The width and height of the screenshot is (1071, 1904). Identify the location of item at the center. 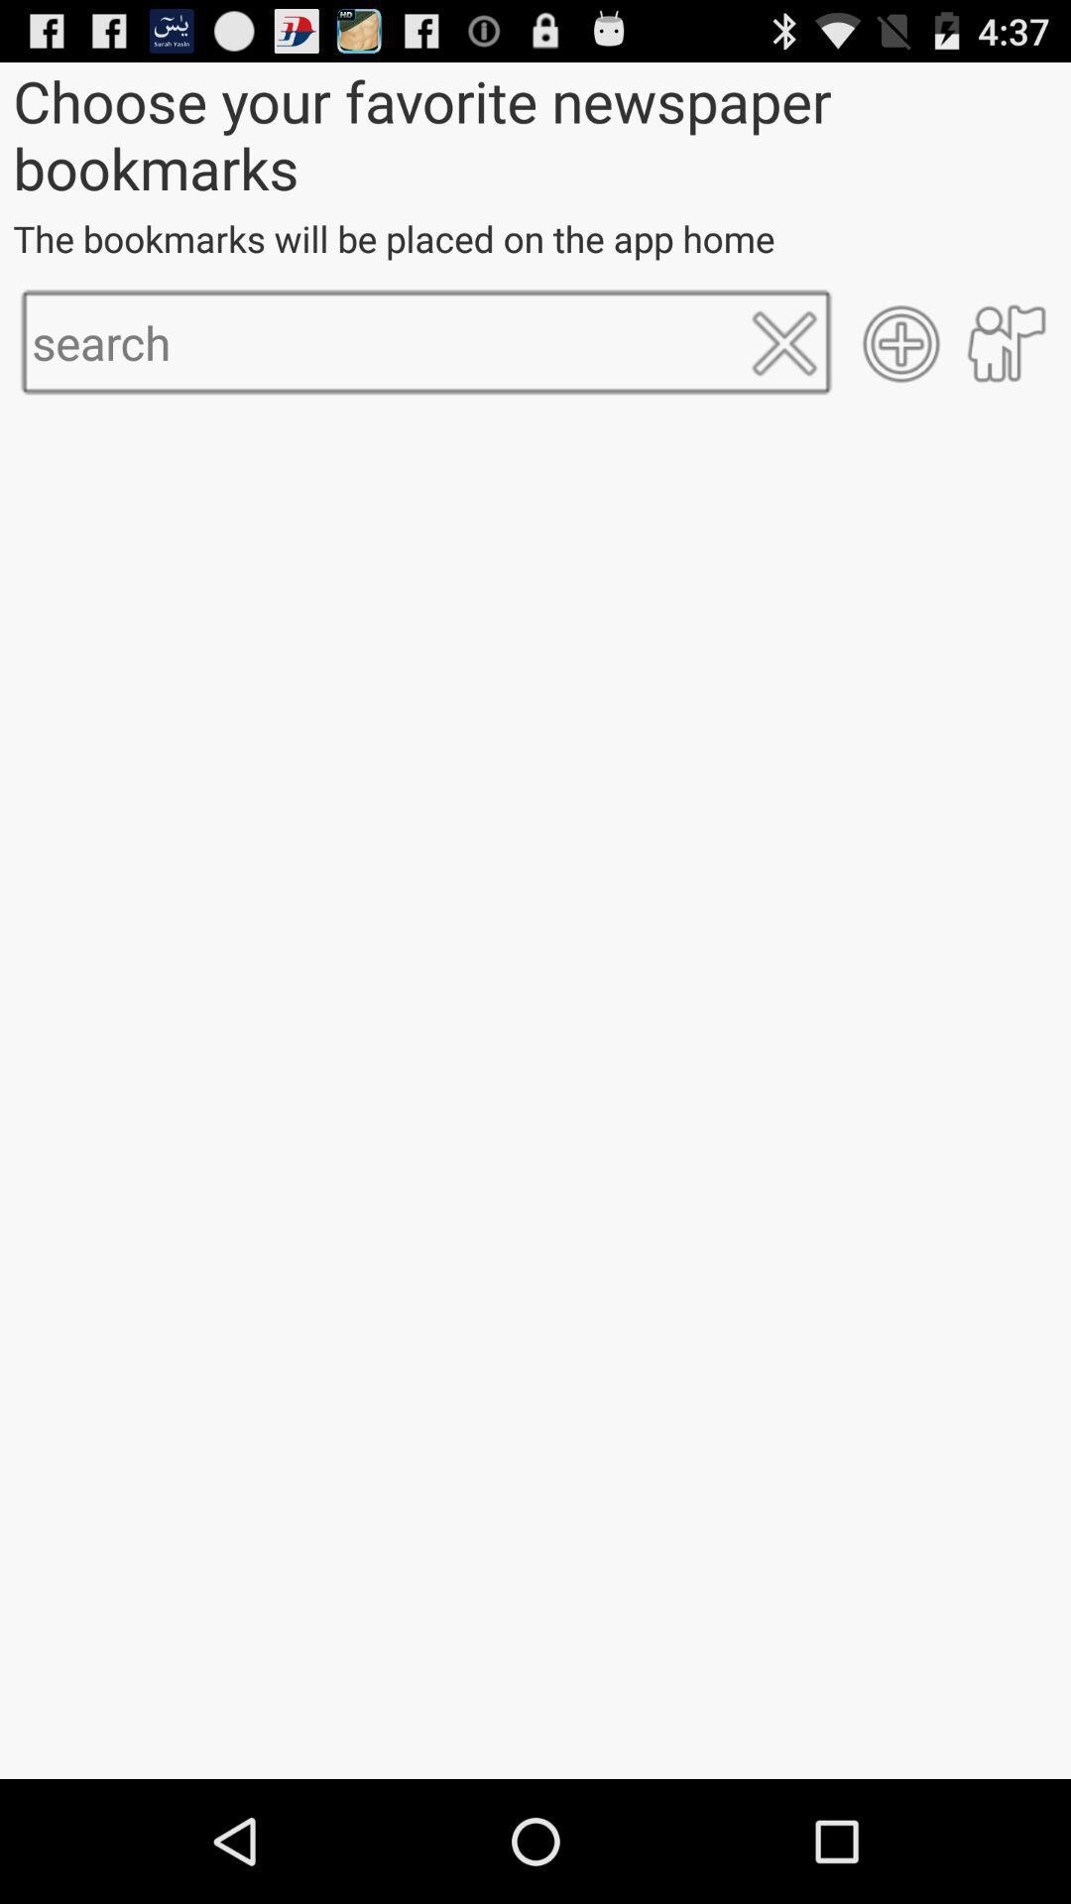
(535, 1097).